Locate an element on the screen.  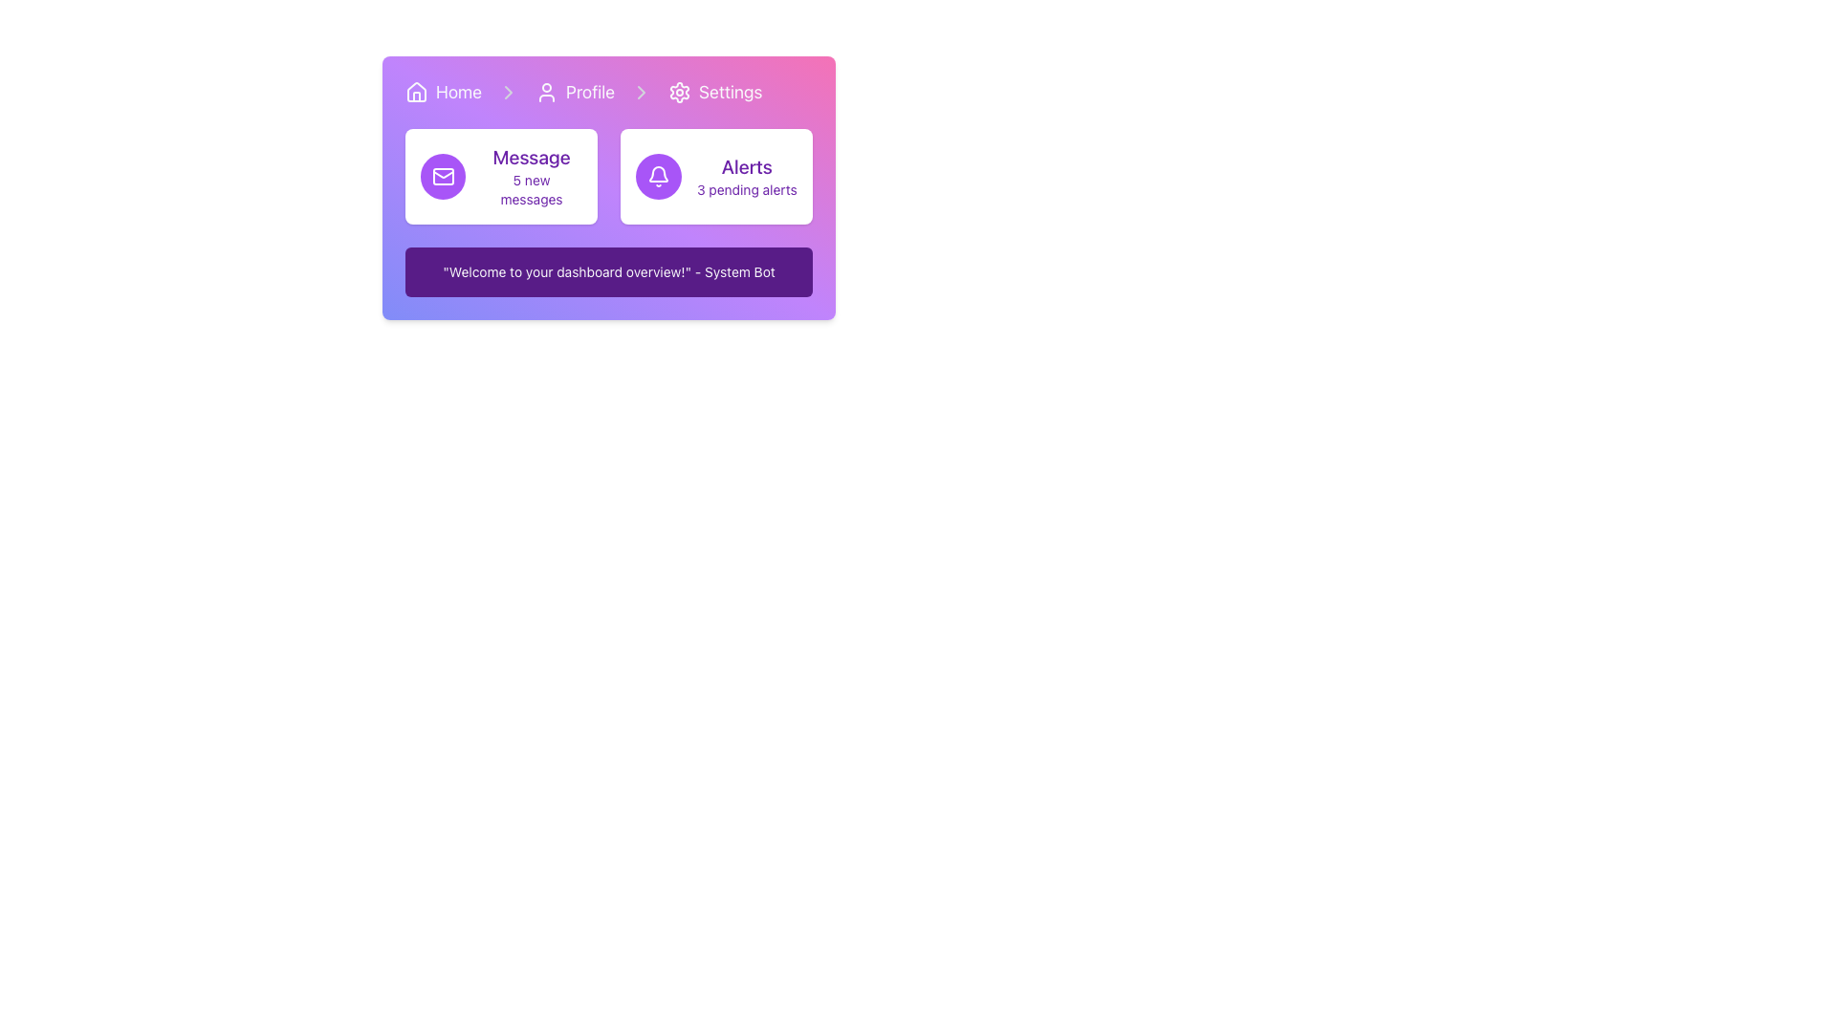
the 'Message' text label, which is a prominently styled label in purple font located at the top left of a card structure is located at coordinates (532, 157).